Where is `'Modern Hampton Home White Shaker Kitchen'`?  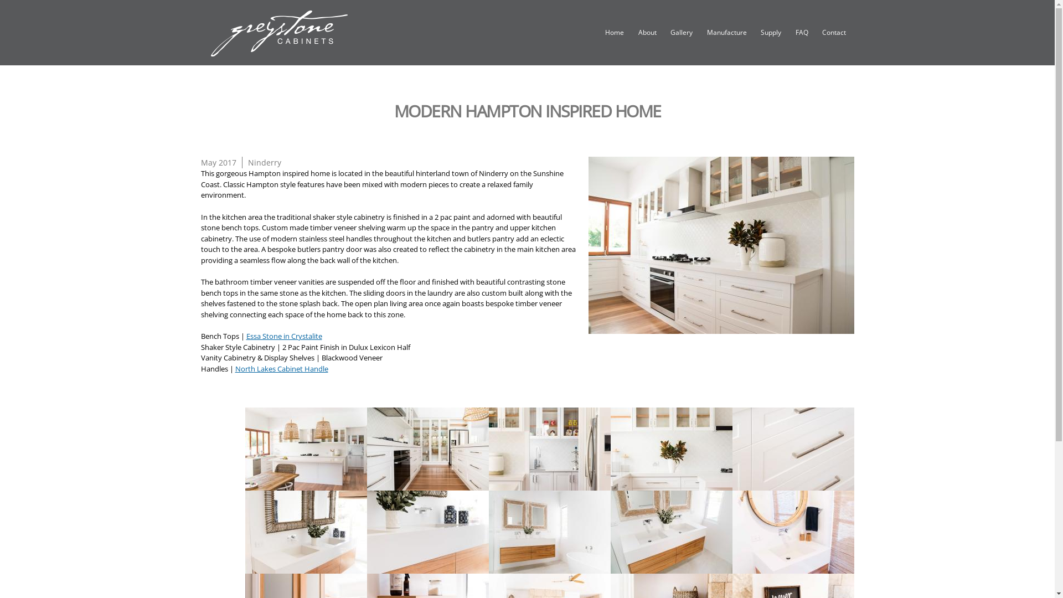
'Modern Hampton Home White Shaker Kitchen' is located at coordinates (720, 244).